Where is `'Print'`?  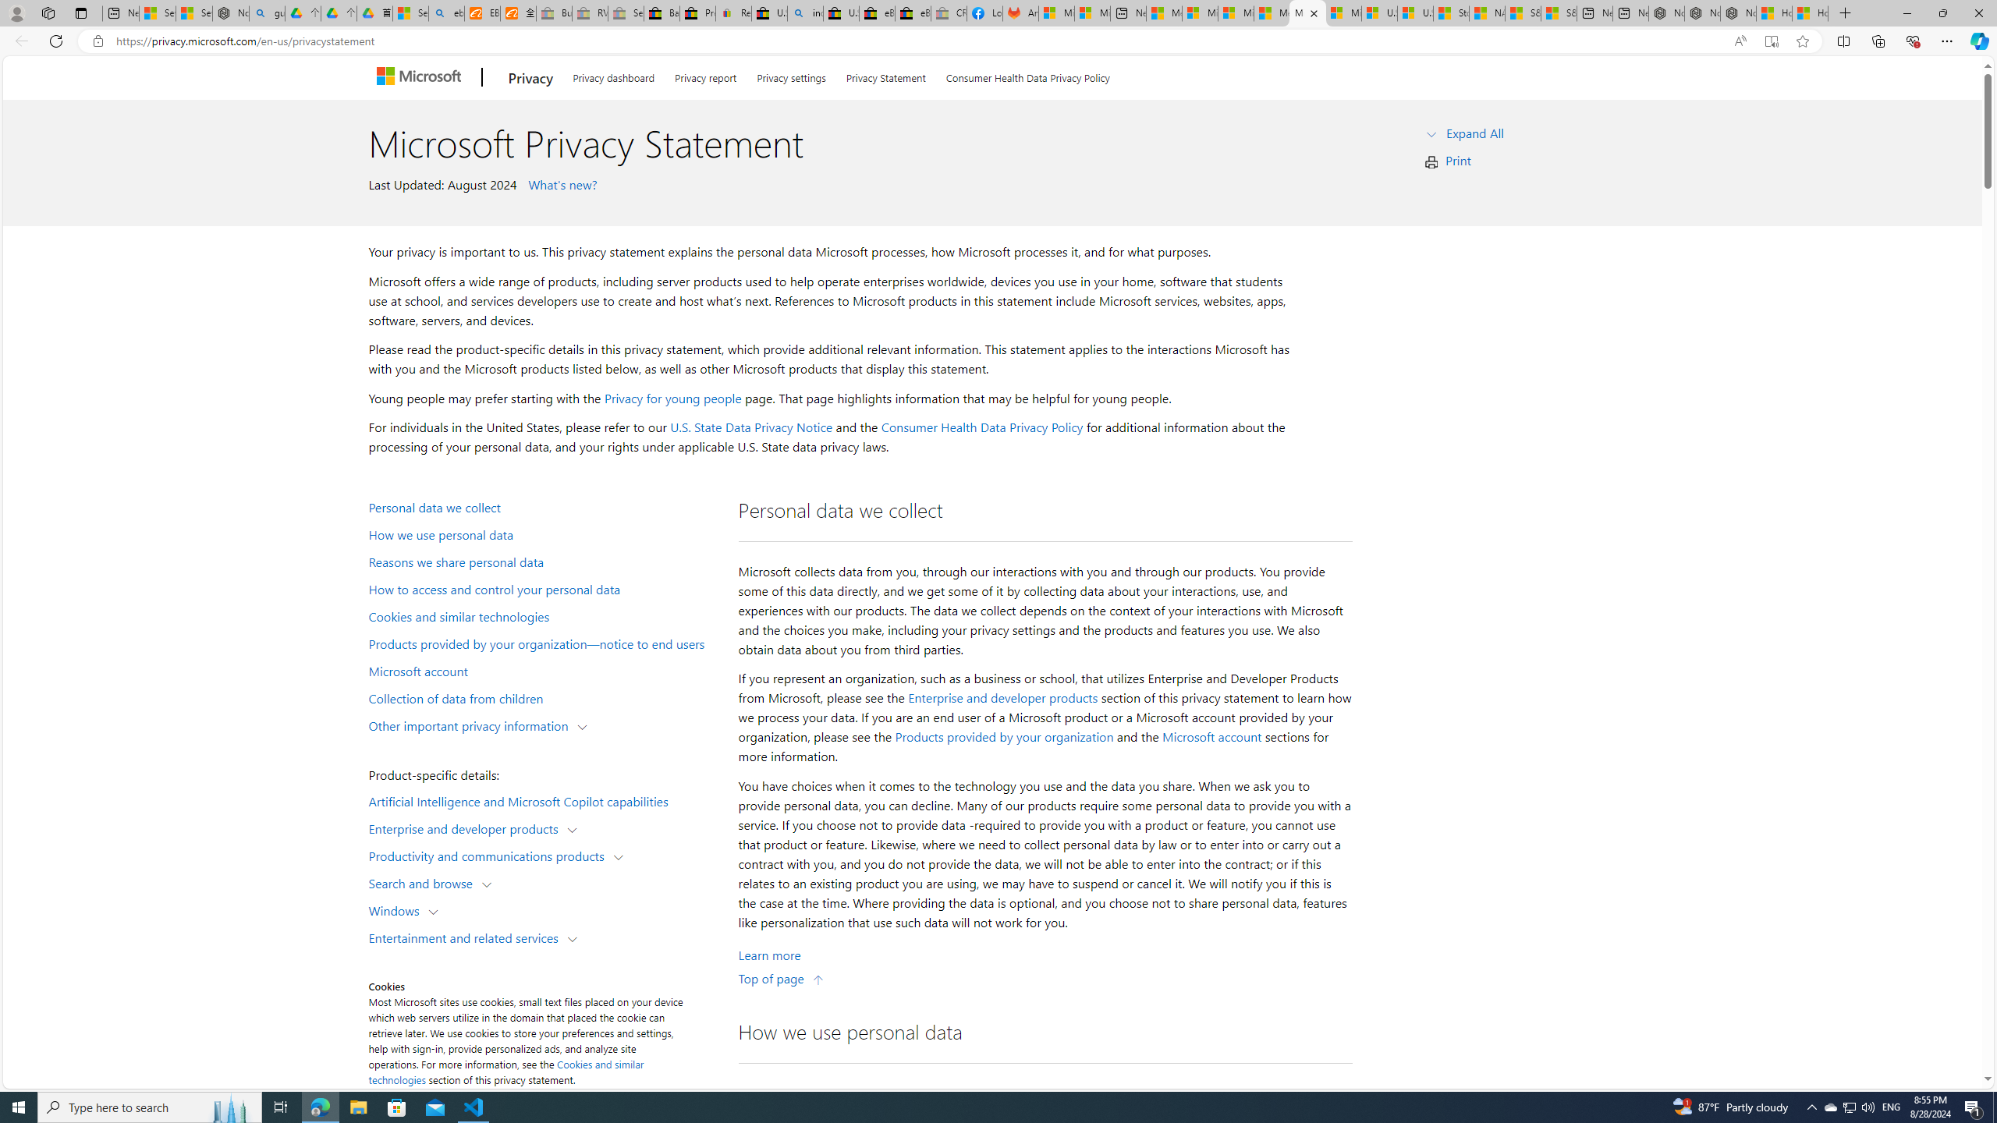
'Print' is located at coordinates (1459, 159).